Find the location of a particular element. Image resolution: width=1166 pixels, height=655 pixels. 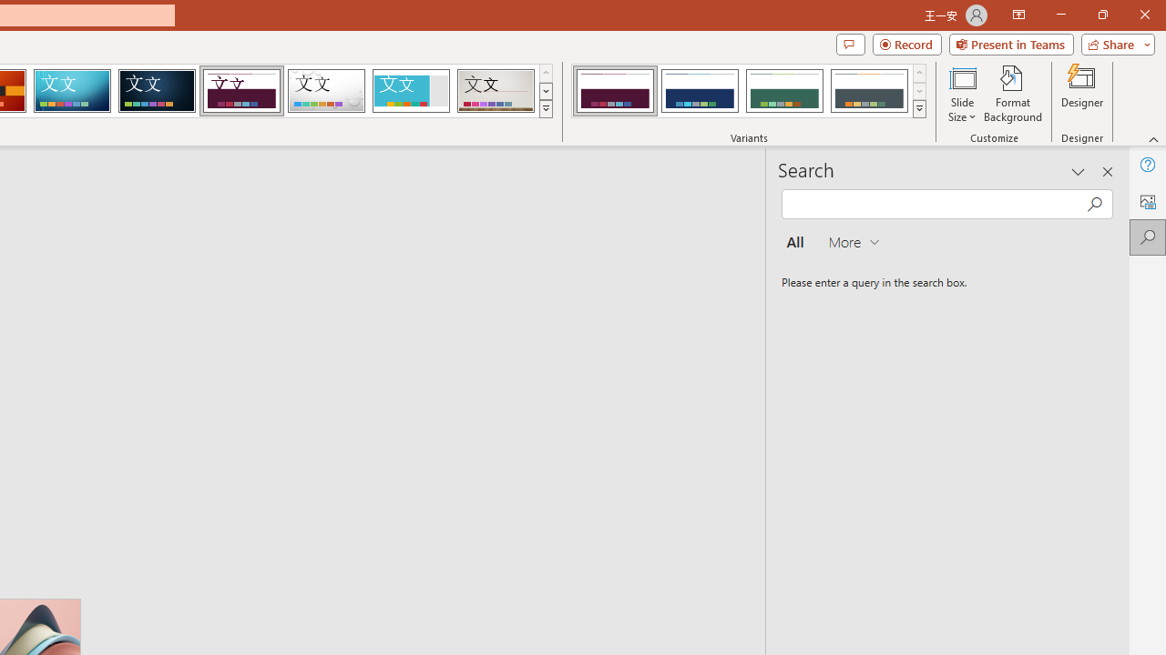

'Dividend Variant 4' is located at coordinates (868, 91).